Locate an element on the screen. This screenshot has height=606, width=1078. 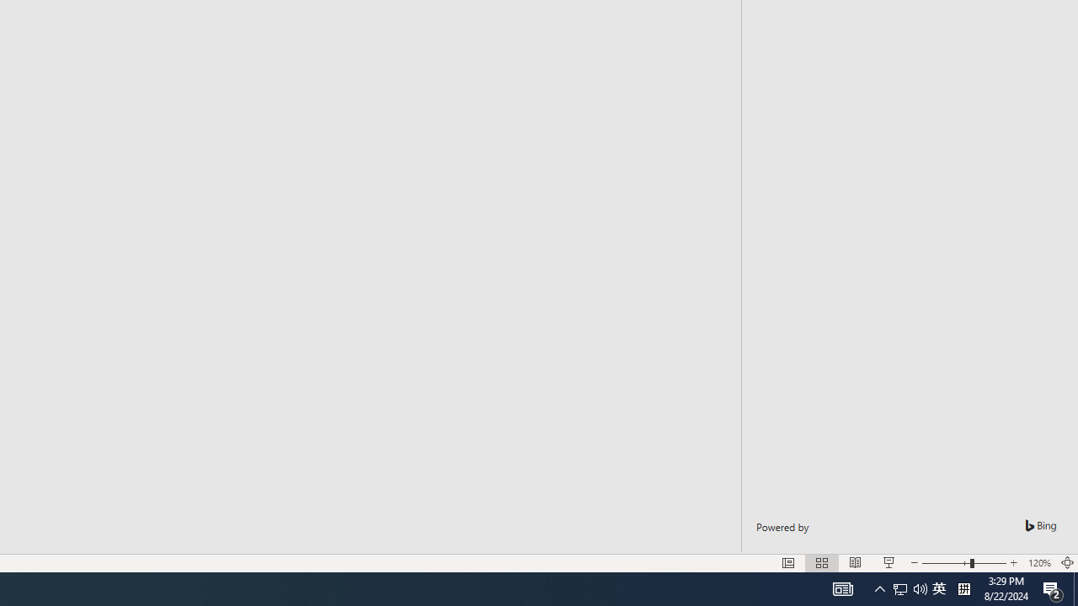
'Zoom 120%' is located at coordinates (1038, 563).